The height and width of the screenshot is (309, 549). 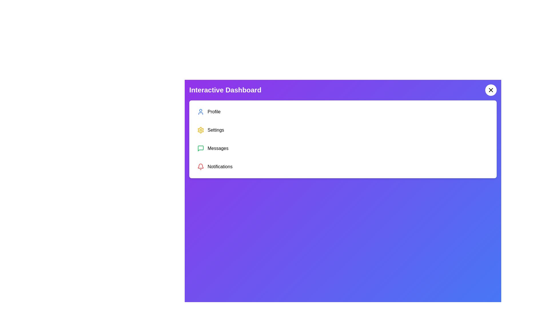 What do you see at coordinates (491, 90) in the screenshot?
I see `the circular button with a white background and black 'X' symbol located in the top-right corner of the interface's purple header` at bounding box center [491, 90].